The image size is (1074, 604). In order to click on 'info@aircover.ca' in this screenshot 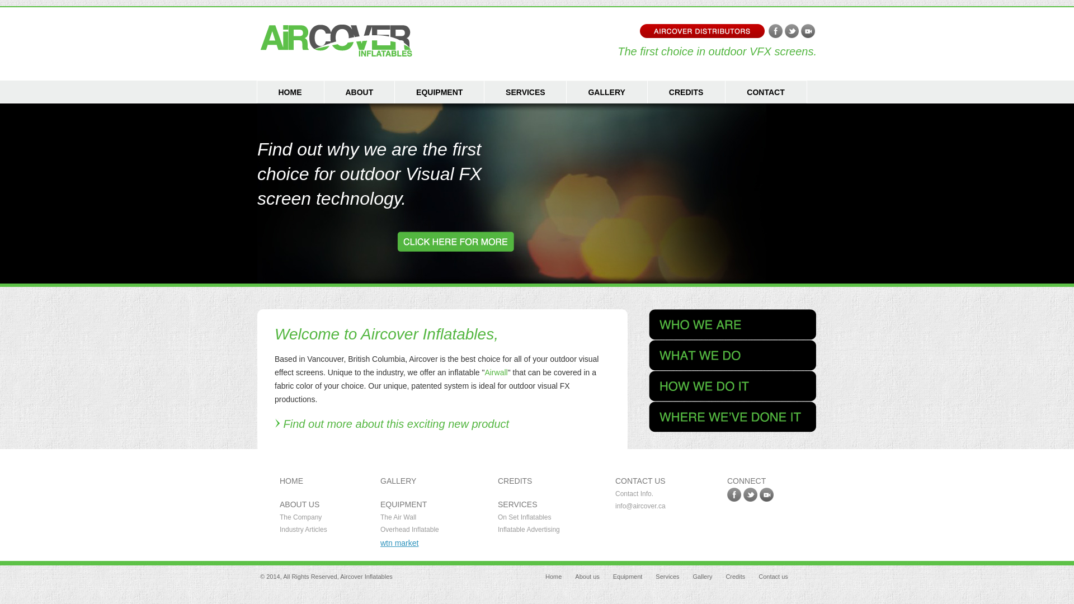, I will do `click(640, 506)`.